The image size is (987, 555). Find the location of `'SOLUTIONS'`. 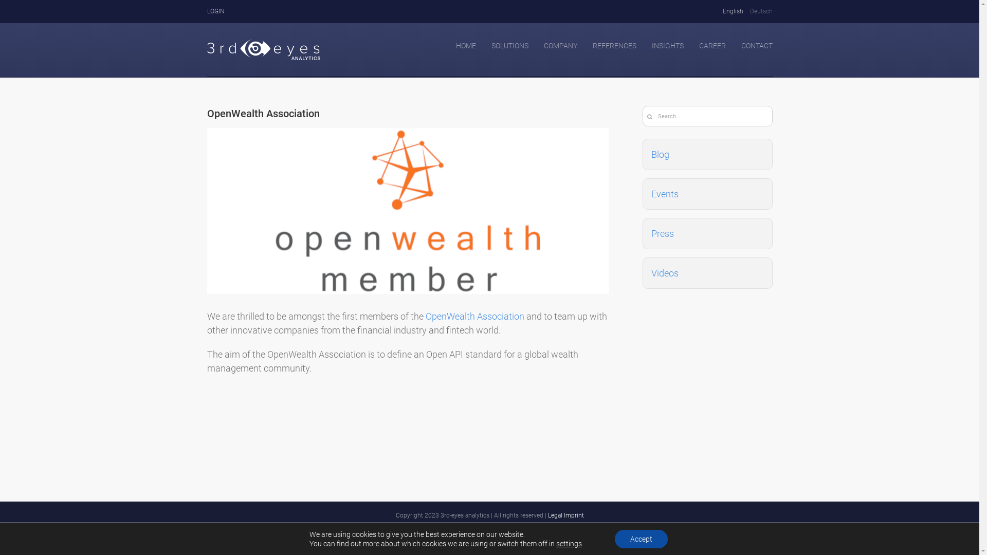

'SOLUTIONS' is located at coordinates (490, 44).